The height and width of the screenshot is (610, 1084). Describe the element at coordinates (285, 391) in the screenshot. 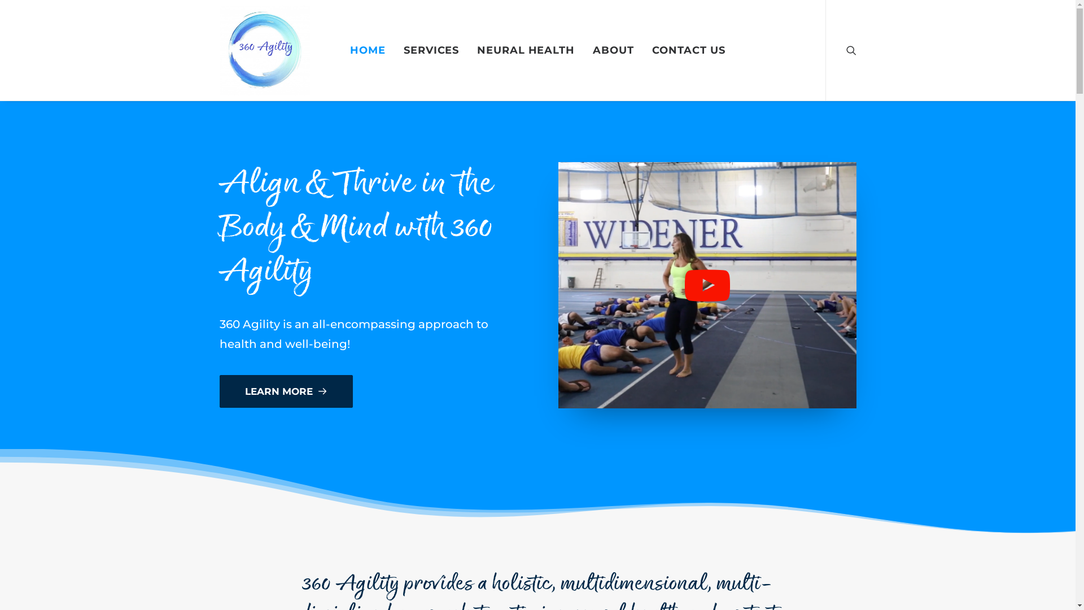

I see `'LEARN MORE'` at that location.